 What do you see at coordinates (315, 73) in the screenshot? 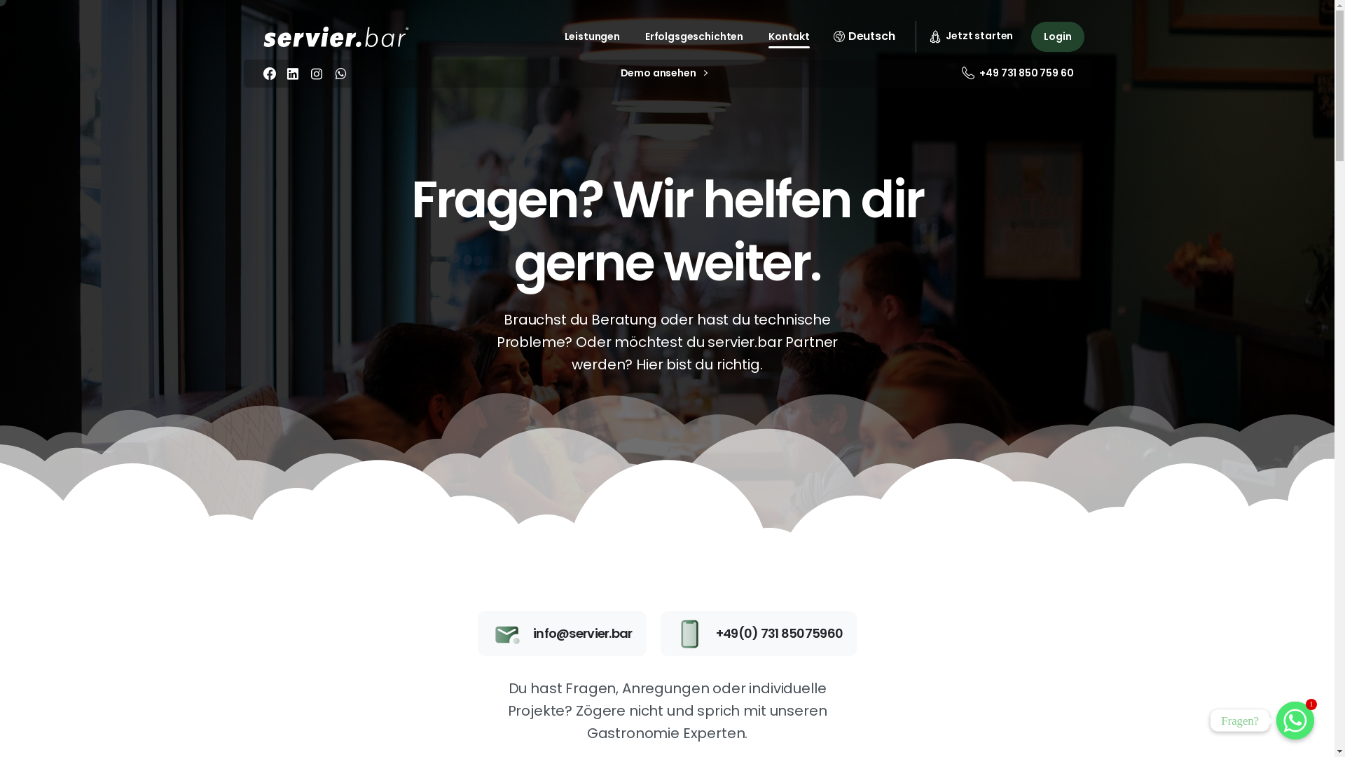
I see `'instagram'` at bounding box center [315, 73].